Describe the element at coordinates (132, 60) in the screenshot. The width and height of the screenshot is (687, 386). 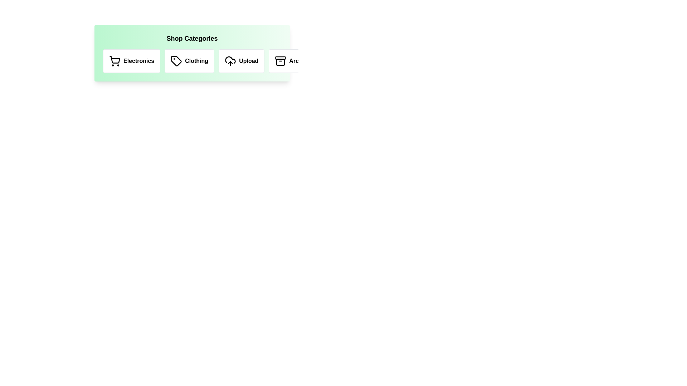
I see `the text of the category label Electronics` at that location.